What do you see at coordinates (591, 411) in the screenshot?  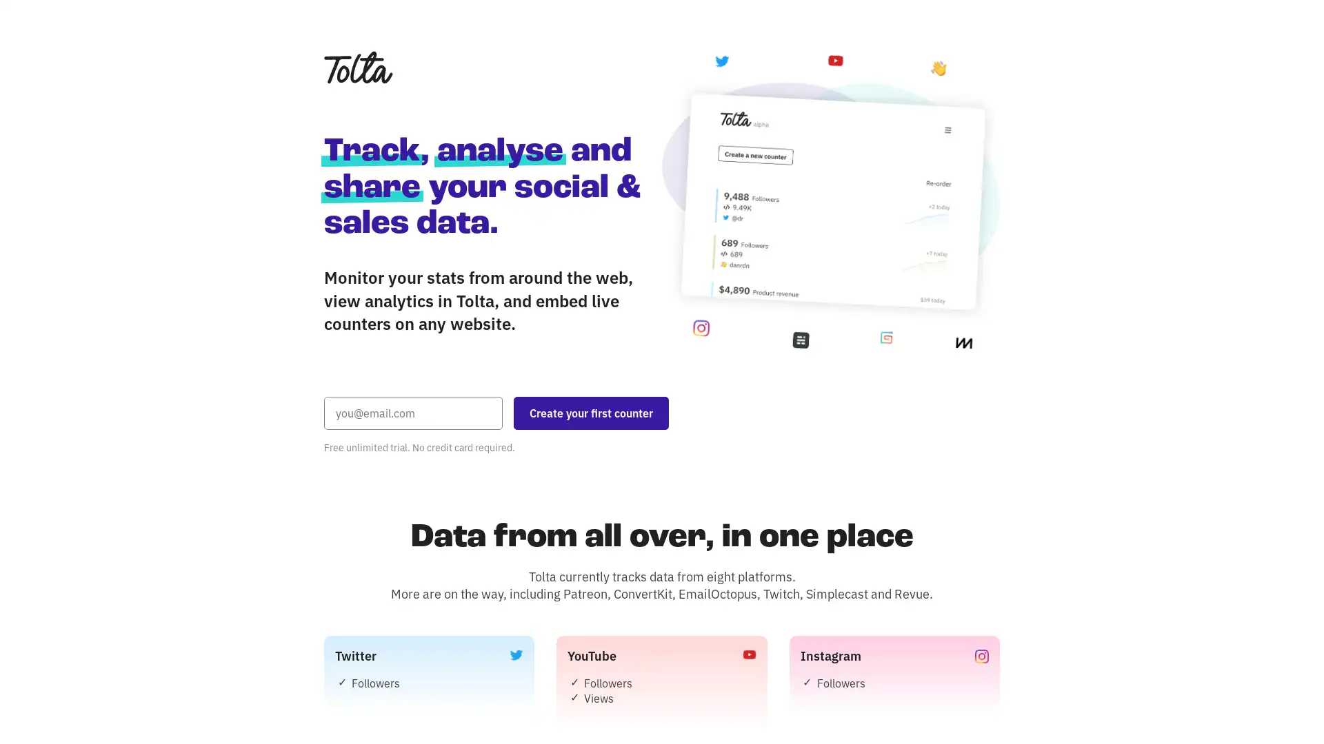 I see `Create your first counter` at bounding box center [591, 411].